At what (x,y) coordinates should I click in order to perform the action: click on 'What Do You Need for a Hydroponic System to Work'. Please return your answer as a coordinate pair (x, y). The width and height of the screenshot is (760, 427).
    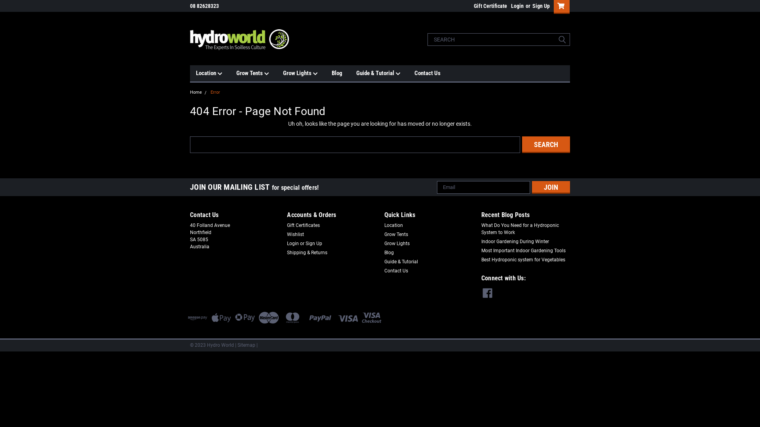
    Looking at the image, I should click on (526, 229).